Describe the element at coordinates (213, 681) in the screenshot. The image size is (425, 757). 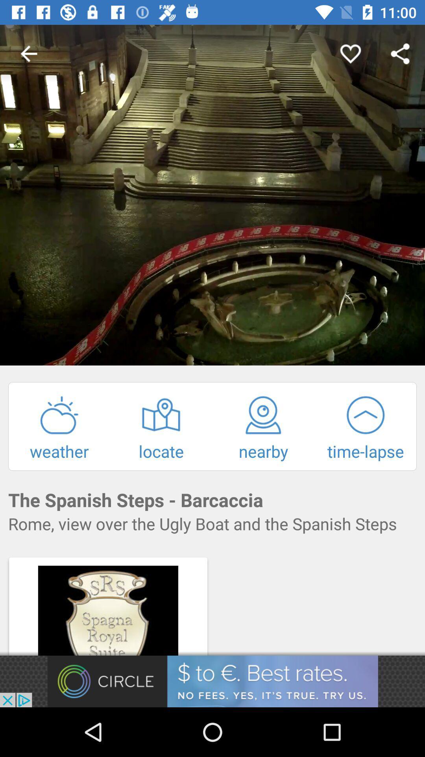
I see `add` at that location.